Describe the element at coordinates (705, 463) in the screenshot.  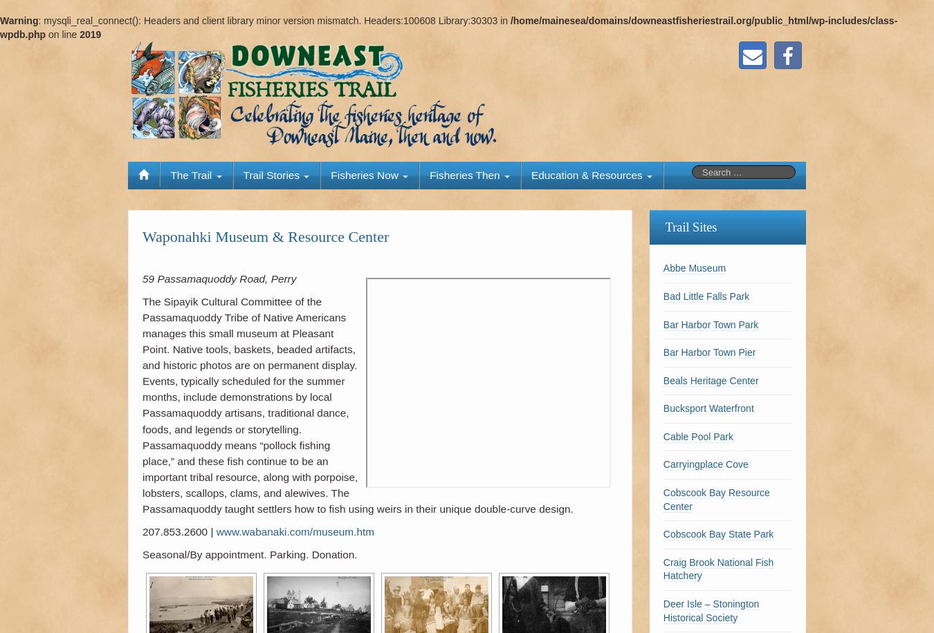
I see `'Carryingplace Cove'` at that location.